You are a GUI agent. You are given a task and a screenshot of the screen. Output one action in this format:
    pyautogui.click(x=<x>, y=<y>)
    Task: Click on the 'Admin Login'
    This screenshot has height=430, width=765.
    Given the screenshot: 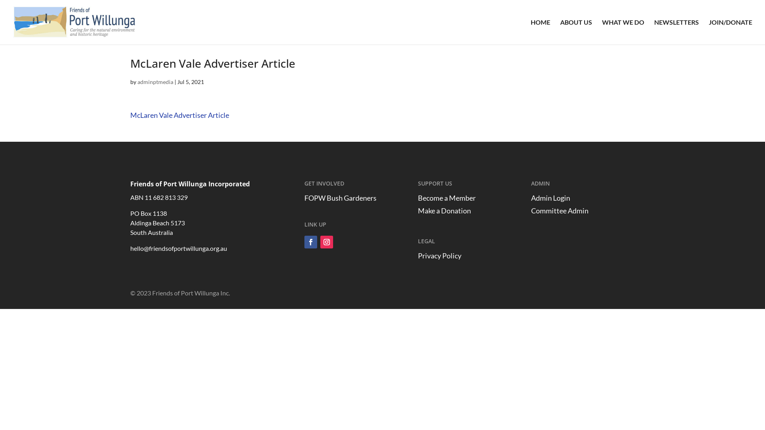 What is the action you would take?
    pyautogui.click(x=550, y=197)
    